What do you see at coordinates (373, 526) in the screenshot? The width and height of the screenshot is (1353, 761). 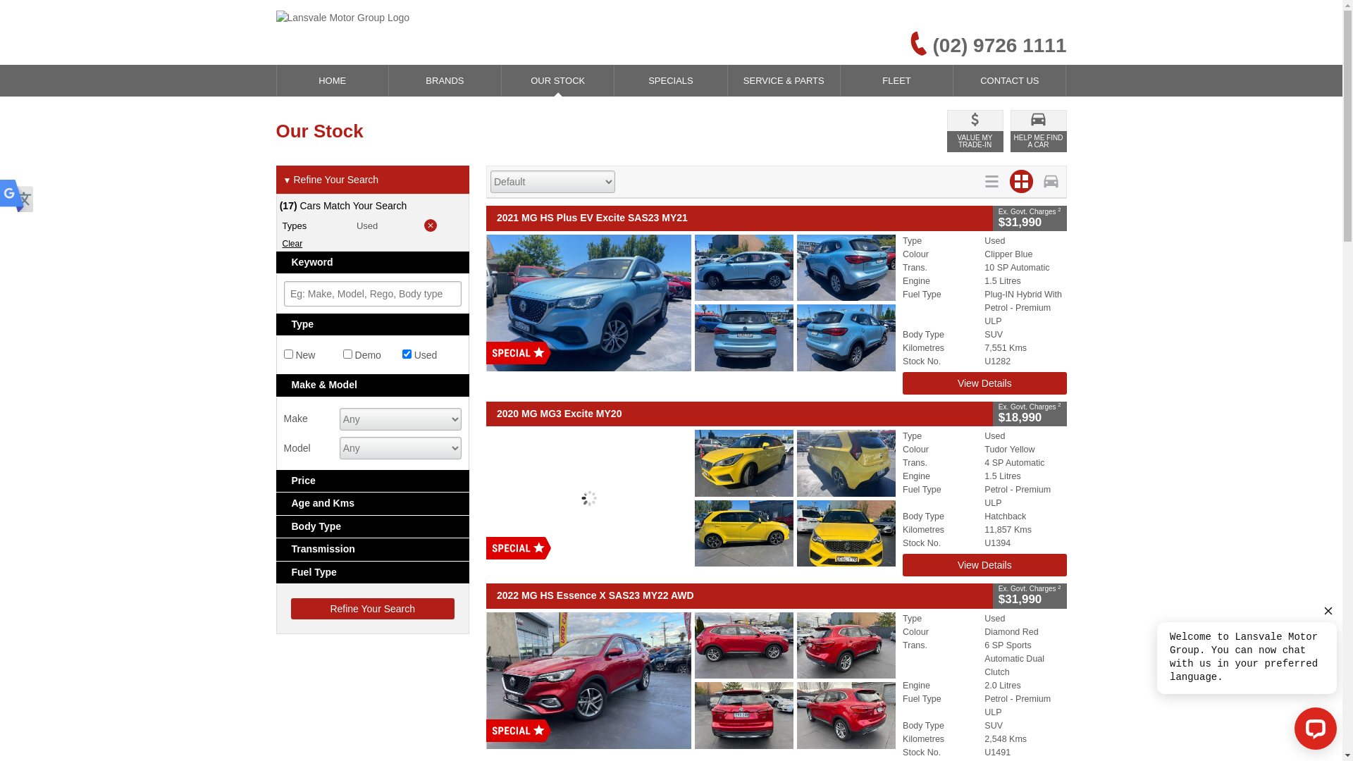 I see `'Body Type'` at bounding box center [373, 526].